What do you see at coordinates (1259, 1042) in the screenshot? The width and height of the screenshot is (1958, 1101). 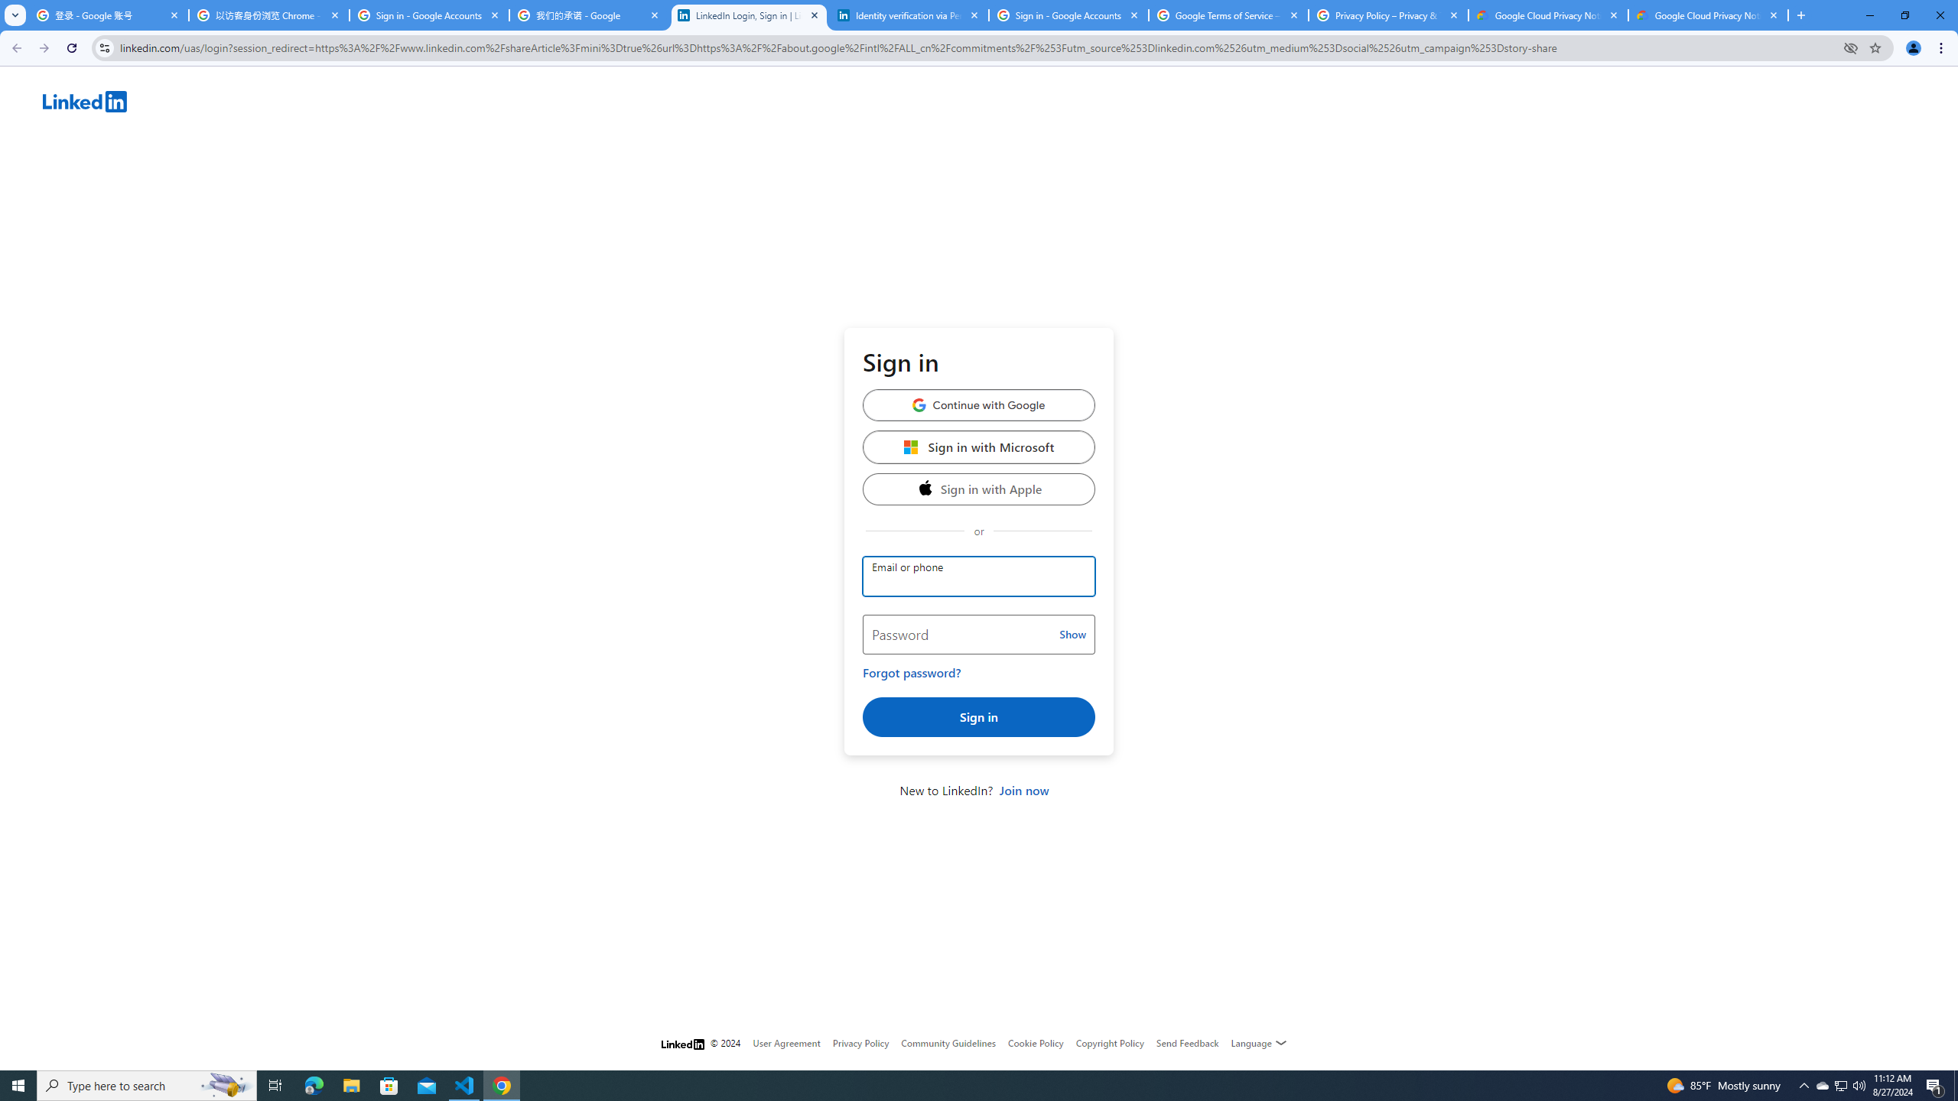 I see `'Language'` at bounding box center [1259, 1042].